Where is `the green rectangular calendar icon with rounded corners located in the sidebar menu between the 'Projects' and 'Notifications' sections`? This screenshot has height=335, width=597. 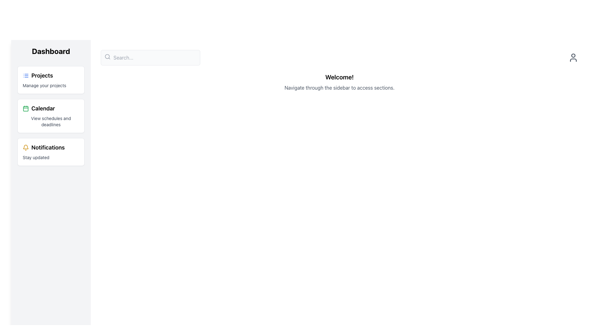
the green rectangular calendar icon with rounded corners located in the sidebar menu between the 'Projects' and 'Notifications' sections is located at coordinates (25, 108).